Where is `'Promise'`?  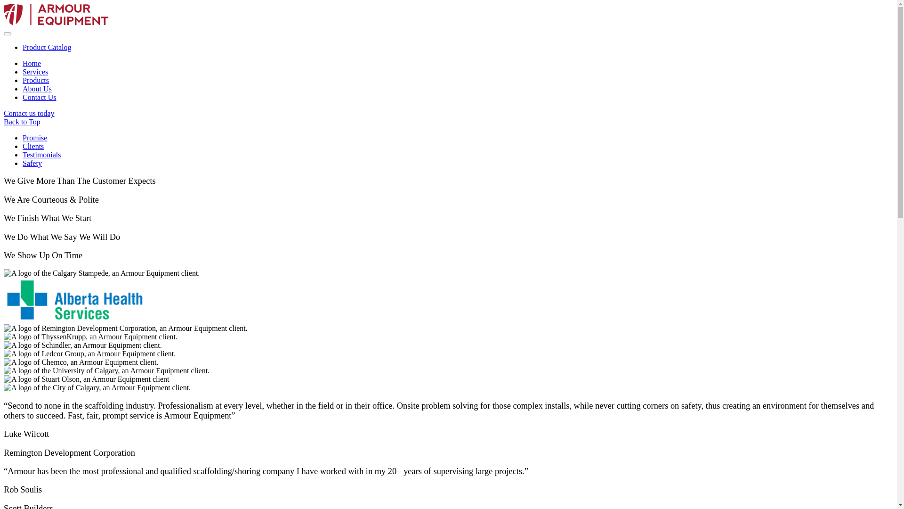 'Promise' is located at coordinates (23, 138).